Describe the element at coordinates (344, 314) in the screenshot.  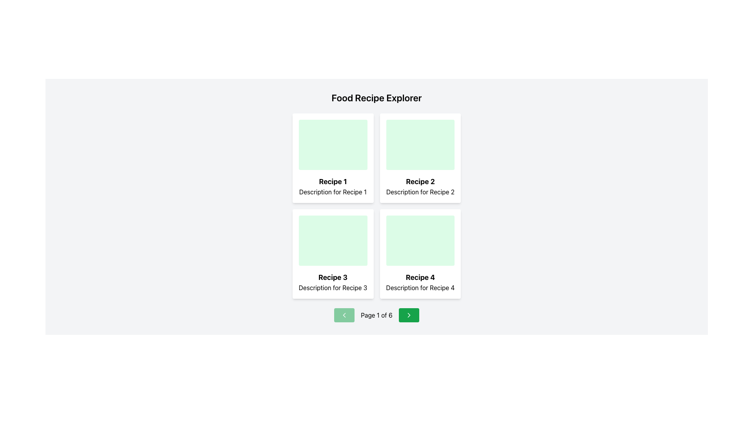
I see `the leftmost green button with a left-pointing chevron icon in the pagination area` at that location.